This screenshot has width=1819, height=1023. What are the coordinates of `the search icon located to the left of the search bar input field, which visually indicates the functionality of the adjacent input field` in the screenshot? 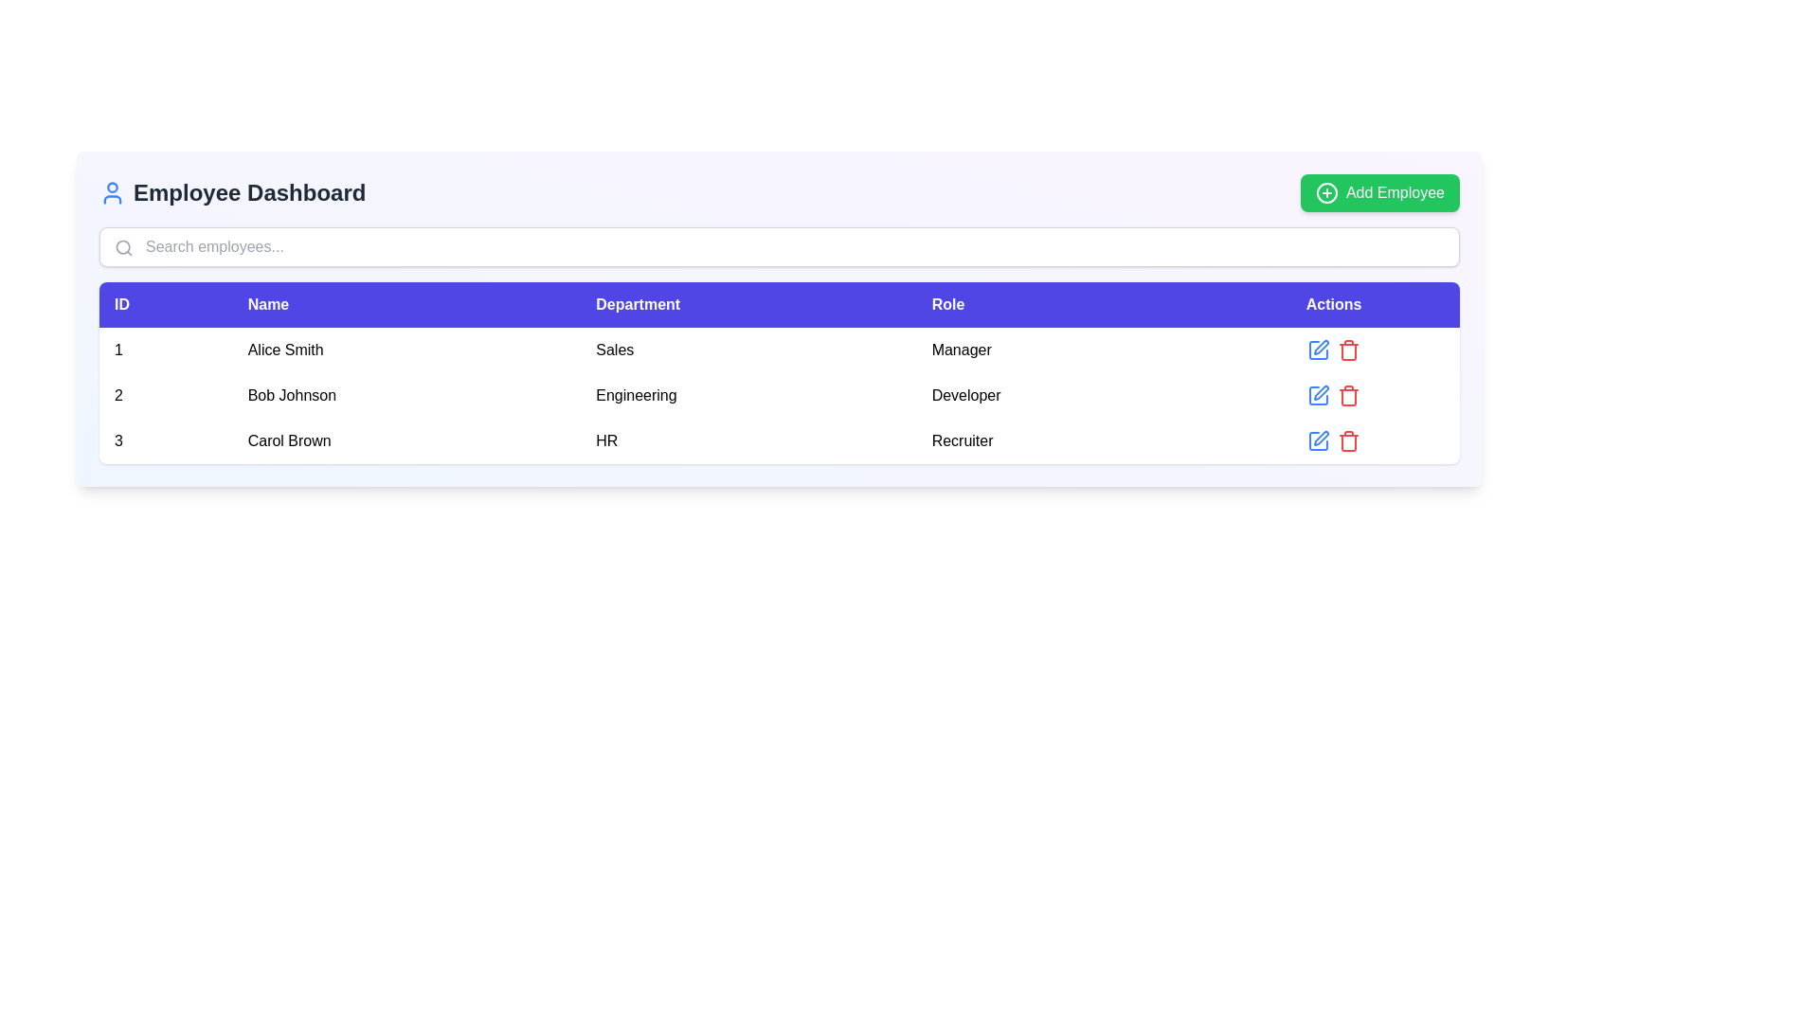 It's located at (122, 247).